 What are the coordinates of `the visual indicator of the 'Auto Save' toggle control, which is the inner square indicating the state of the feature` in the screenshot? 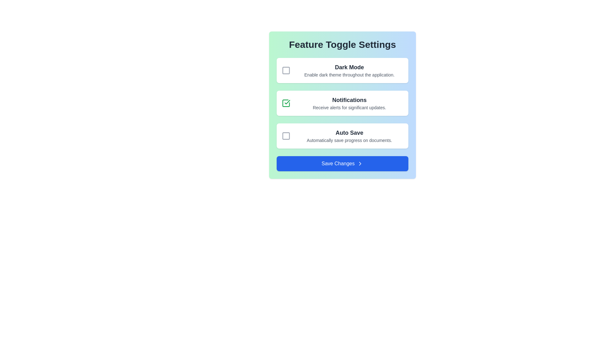 It's located at (285, 136).